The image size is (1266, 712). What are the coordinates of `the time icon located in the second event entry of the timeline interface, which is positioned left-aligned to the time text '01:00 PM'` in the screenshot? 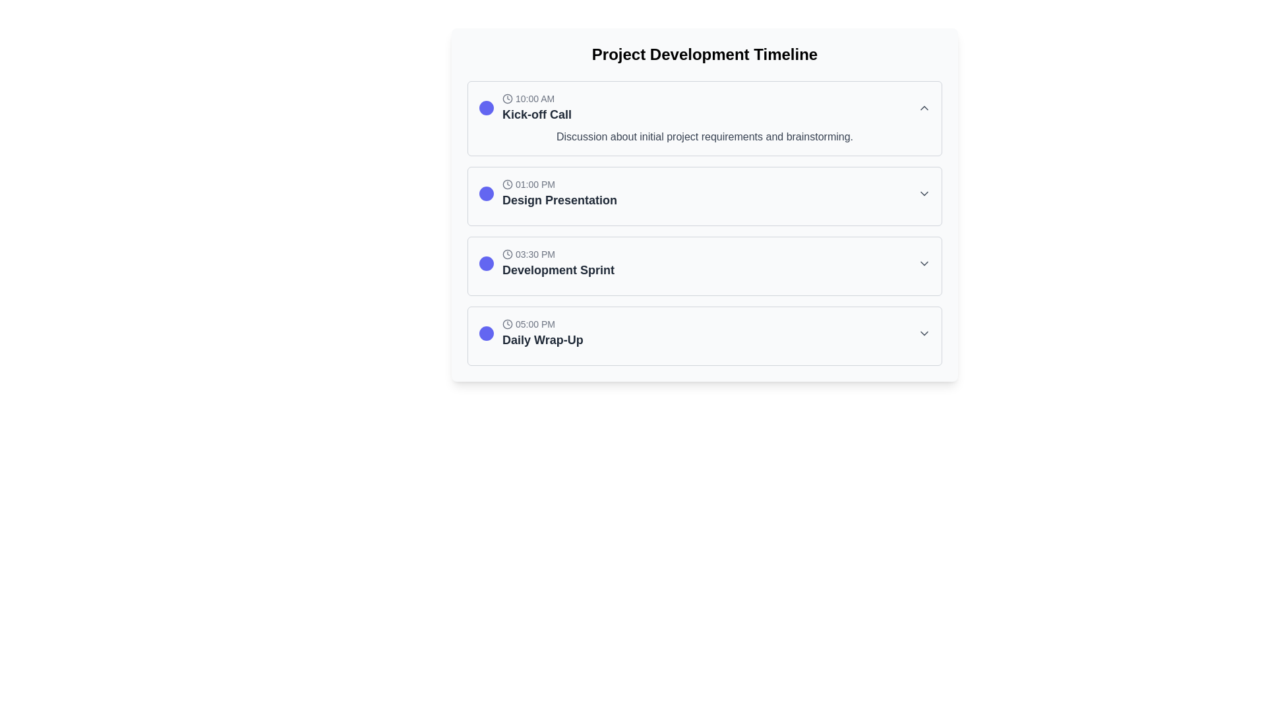 It's located at (506, 185).